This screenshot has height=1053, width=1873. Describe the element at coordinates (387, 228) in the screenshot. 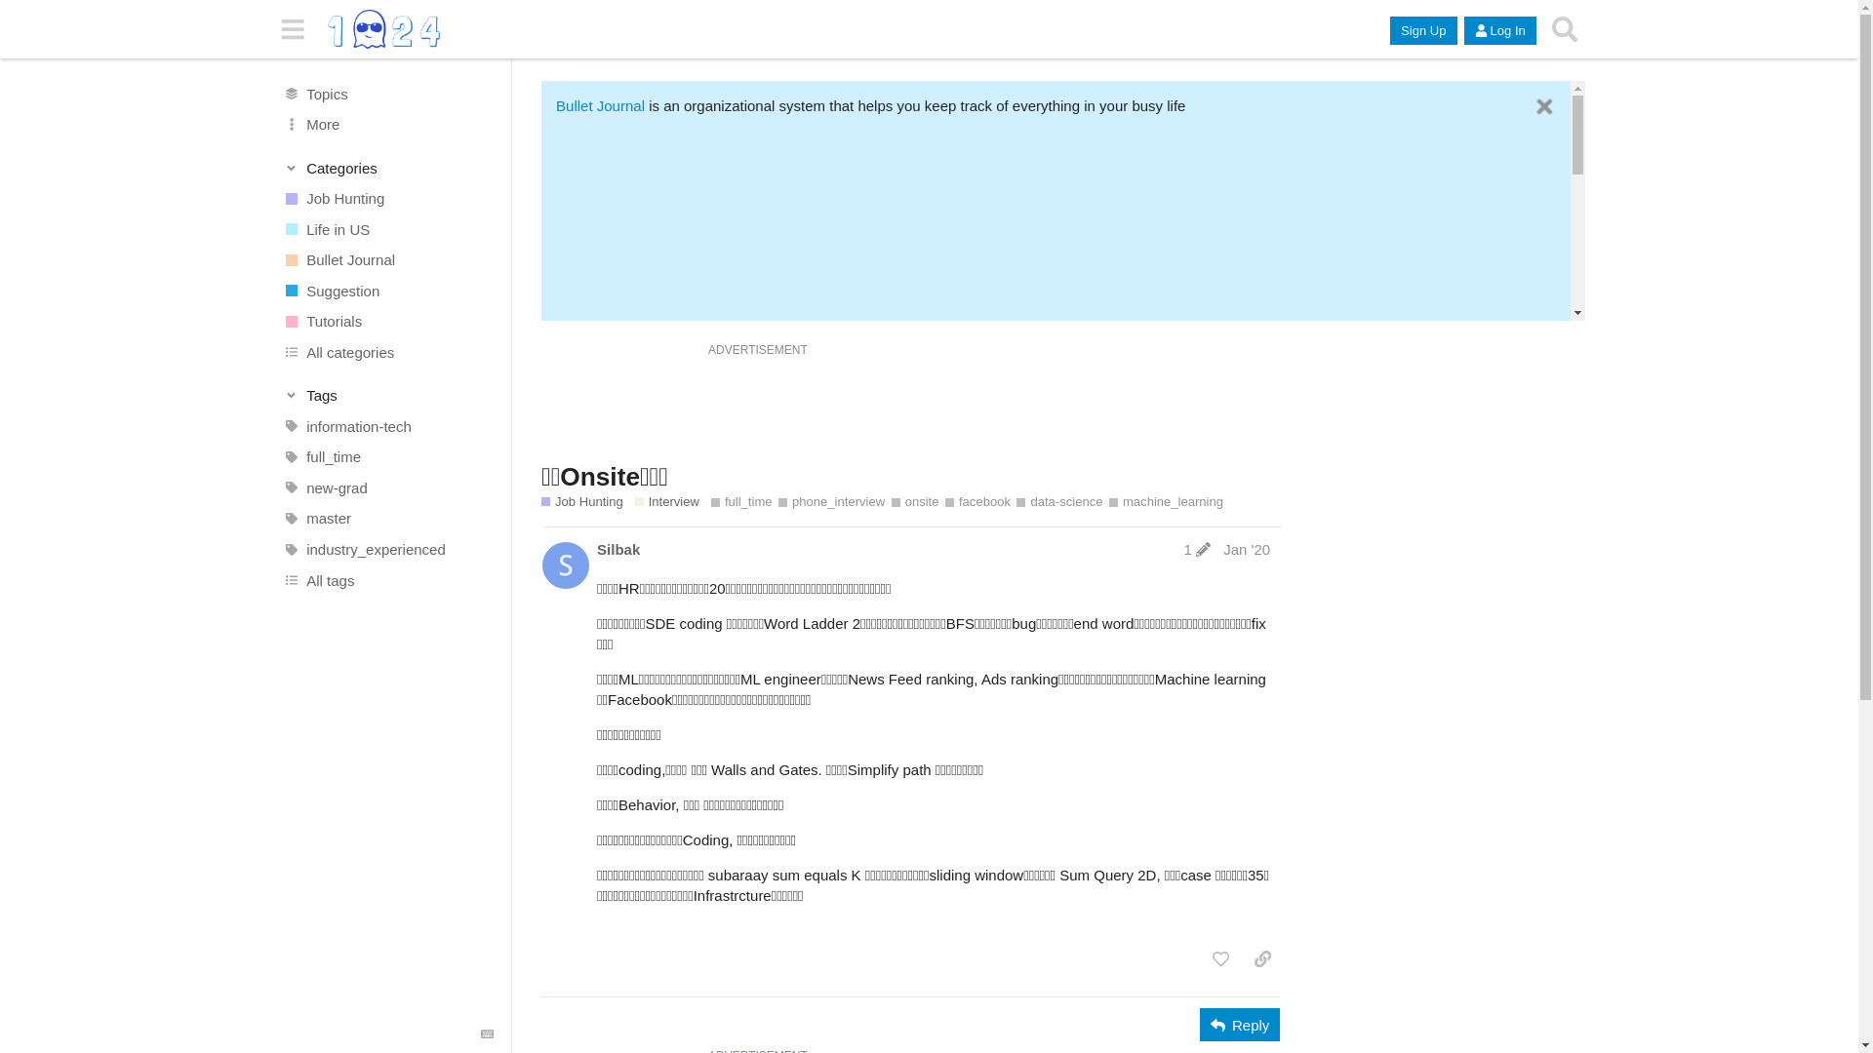

I see `'Life in US'` at that location.